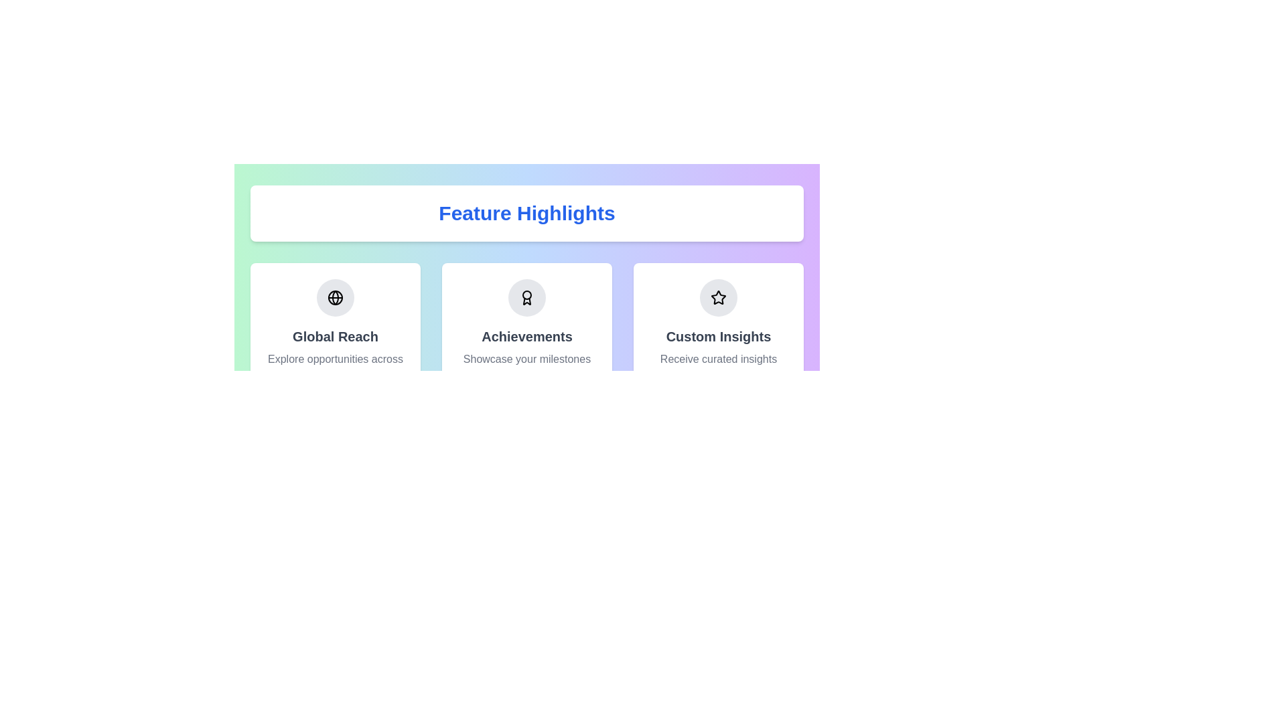  Describe the element at coordinates (718, 338) in the screenshot. I see `the Information card featuring a centered star icon with the bold text 'Custom Insights' and smaller text 'Receive curated insights tailored specifically to your goals.' This card is the third in a grid layout and is located to the right of the 'Achievements' card` at that location.